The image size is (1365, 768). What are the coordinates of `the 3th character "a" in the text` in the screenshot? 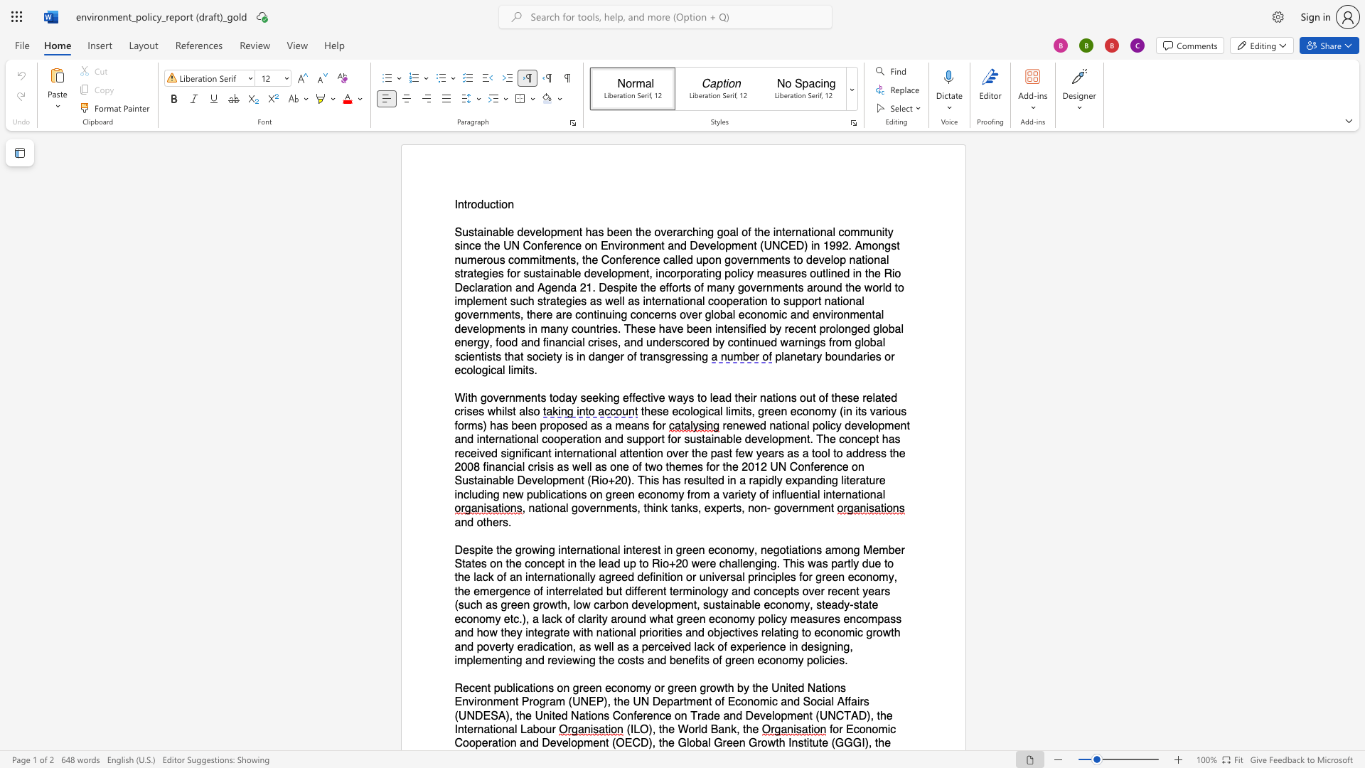 It's located at (579, 343).